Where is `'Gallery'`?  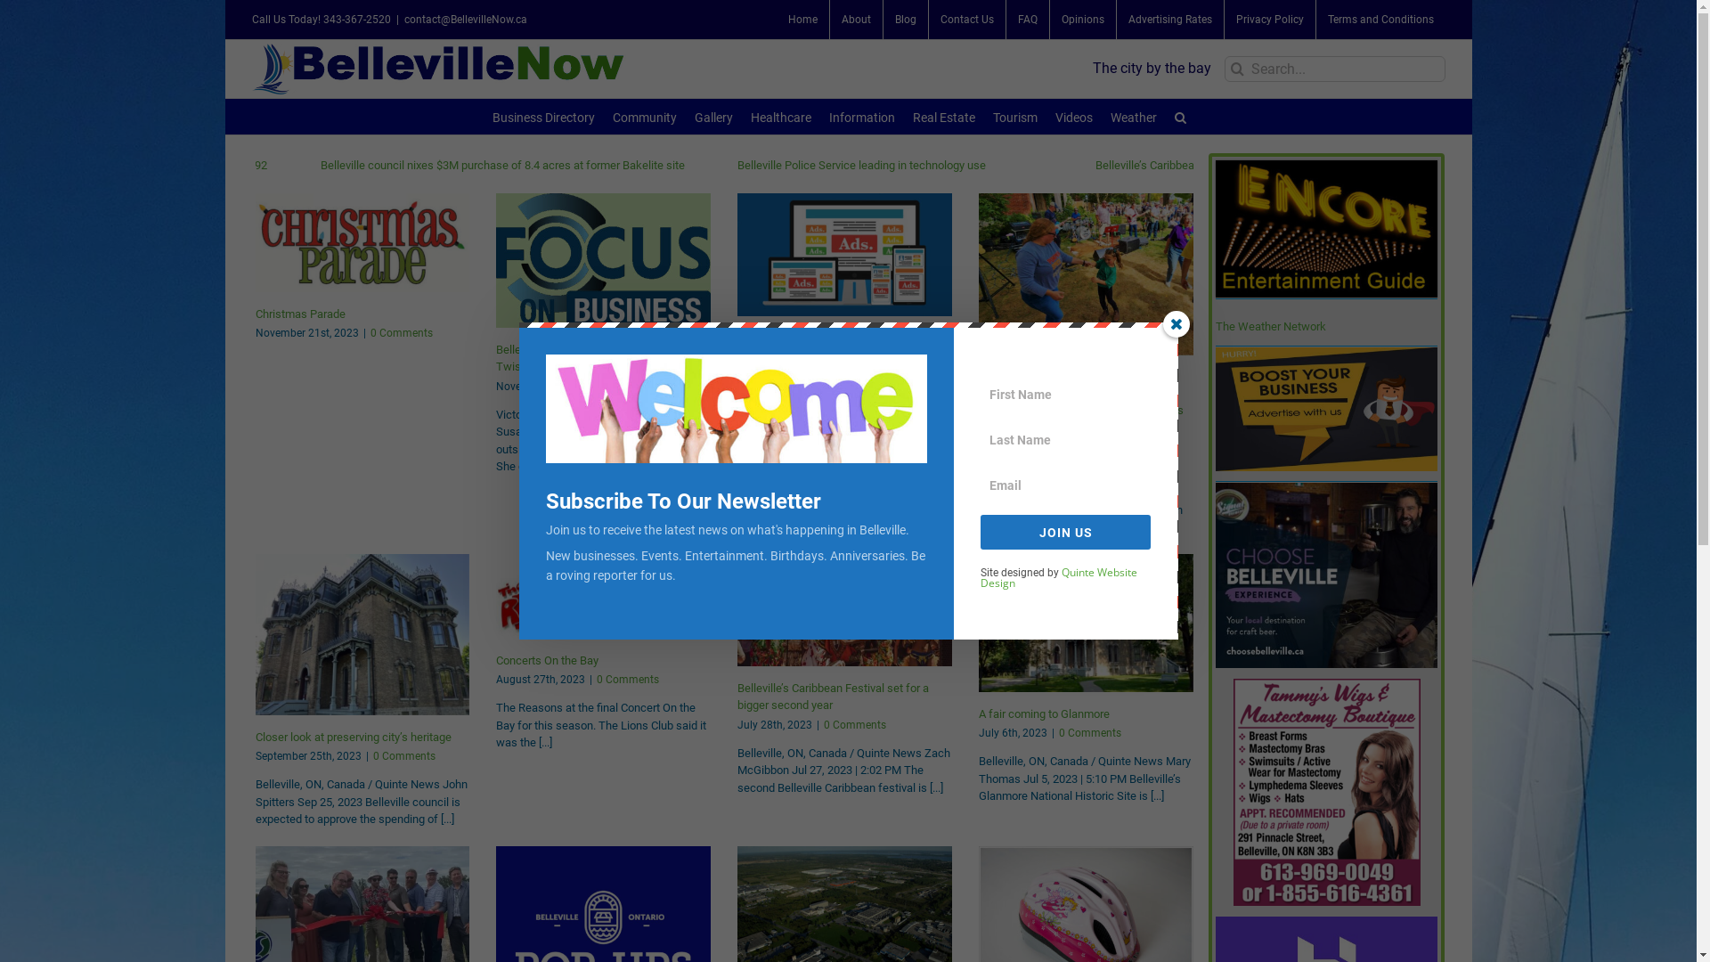
'Gallery' is located at coordinates (693, 116).